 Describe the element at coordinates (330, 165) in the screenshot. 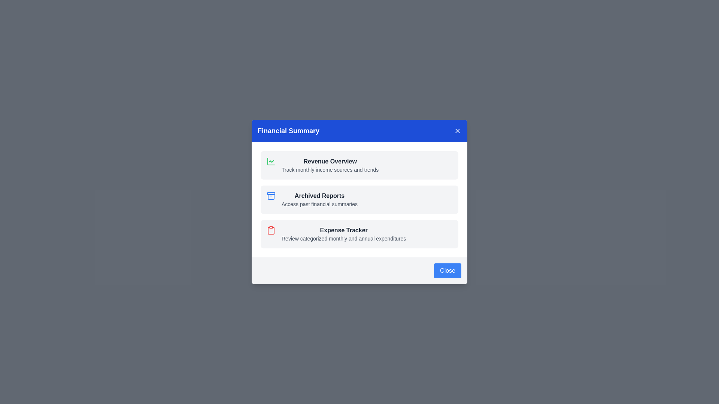

I see `the Revenue Overview section in the Financial Summary dialog` at that location.